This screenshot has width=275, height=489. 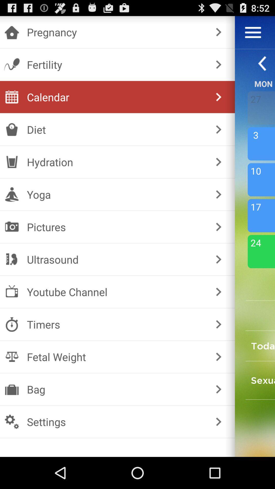 What do you see at coordinates (218, 292) in the screenshot?
I see `the item above the timers` at bounding box center [218, 292].